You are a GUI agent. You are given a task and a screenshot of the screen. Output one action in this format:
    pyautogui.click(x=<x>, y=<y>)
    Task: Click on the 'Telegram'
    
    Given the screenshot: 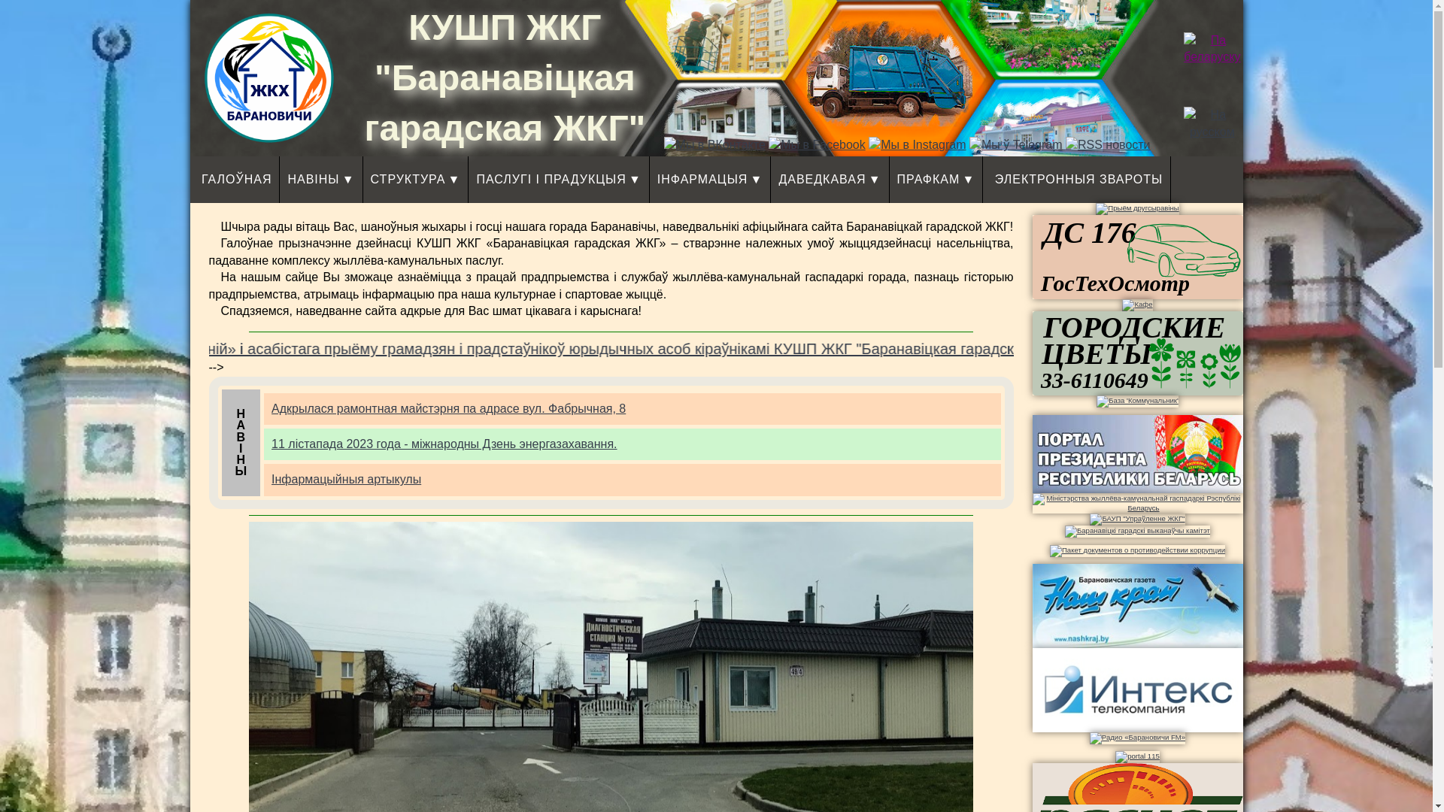 What is the action you would take?
    pyautogui.click(x=1015, y=144)
    